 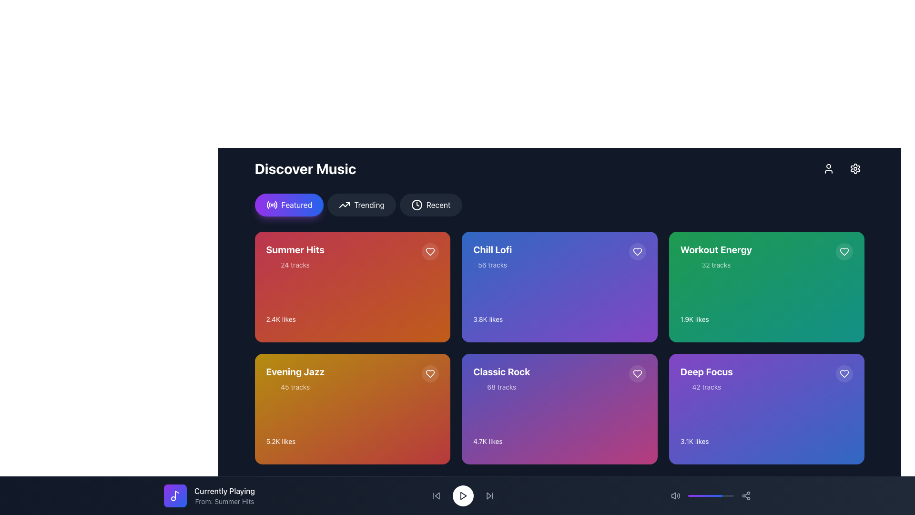 What do you see at coordinates (430, 373) in the screenshot?
I see `the interactive icon button in the top-right corner of the 'Summer Hits' card` at bounding box center [430, 373].